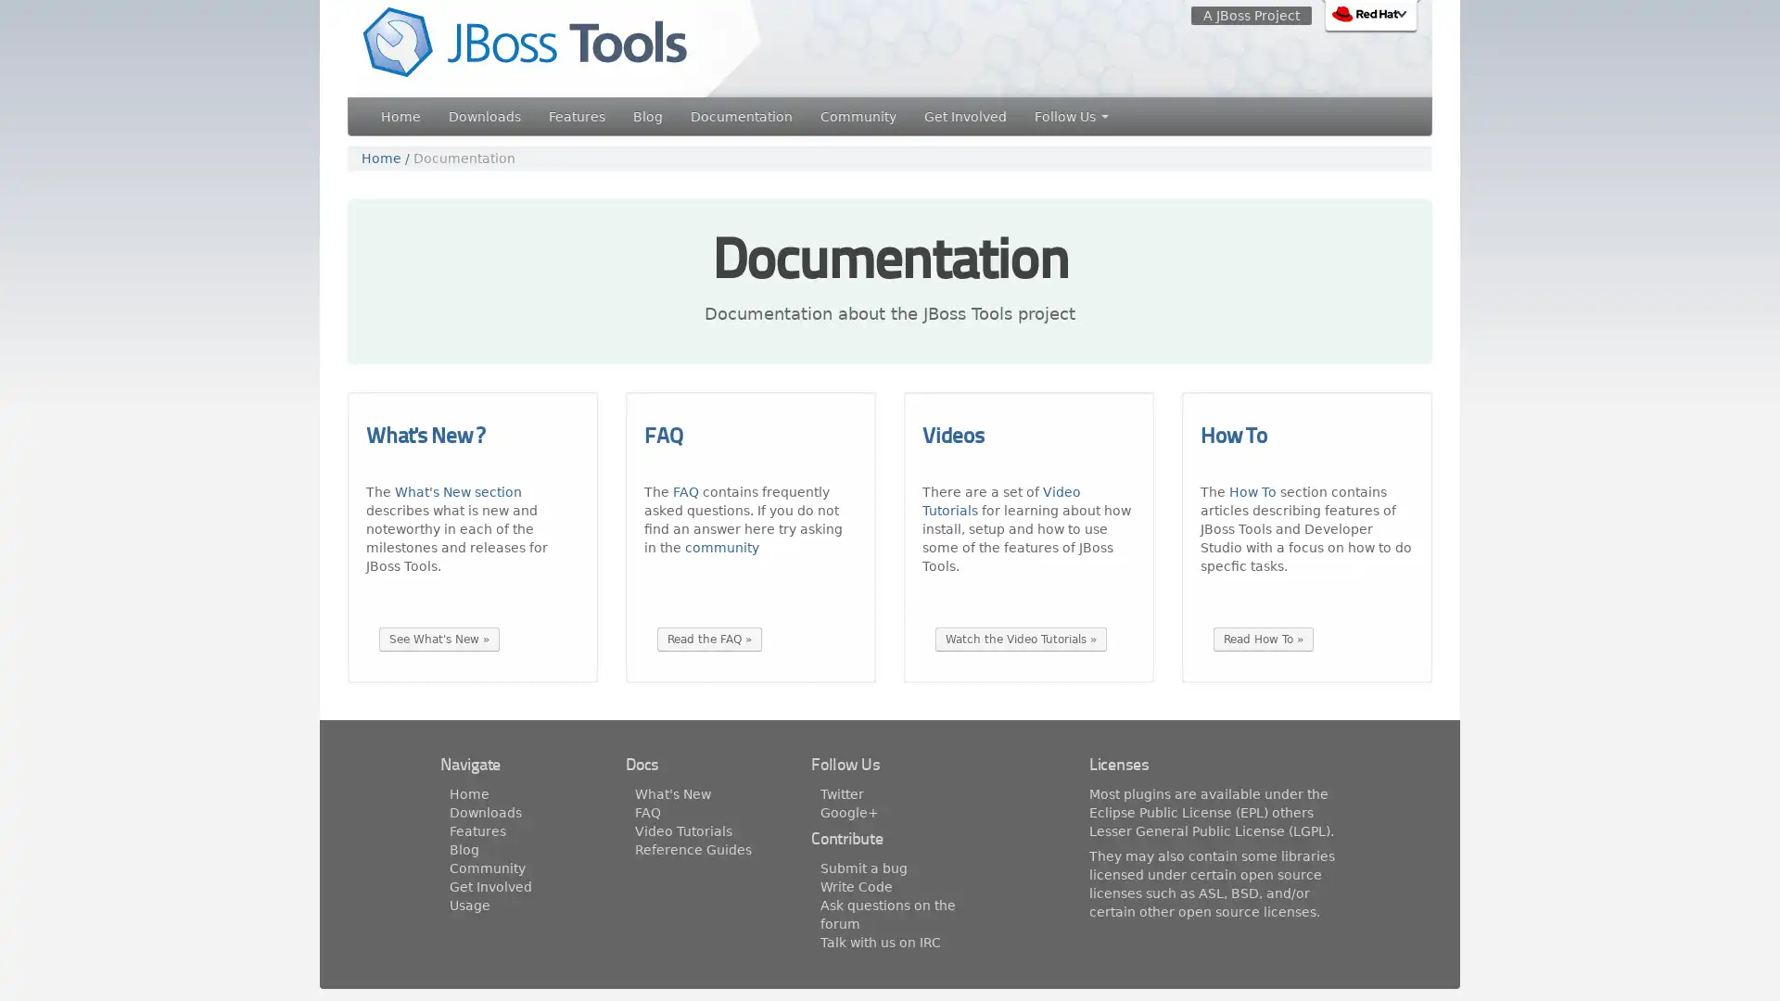 This screenshot has width=1780, height=1001. Describe the element at coordinates (1020, 639) in the screenshot. I see `Watch the Video Tutorials` at that location.